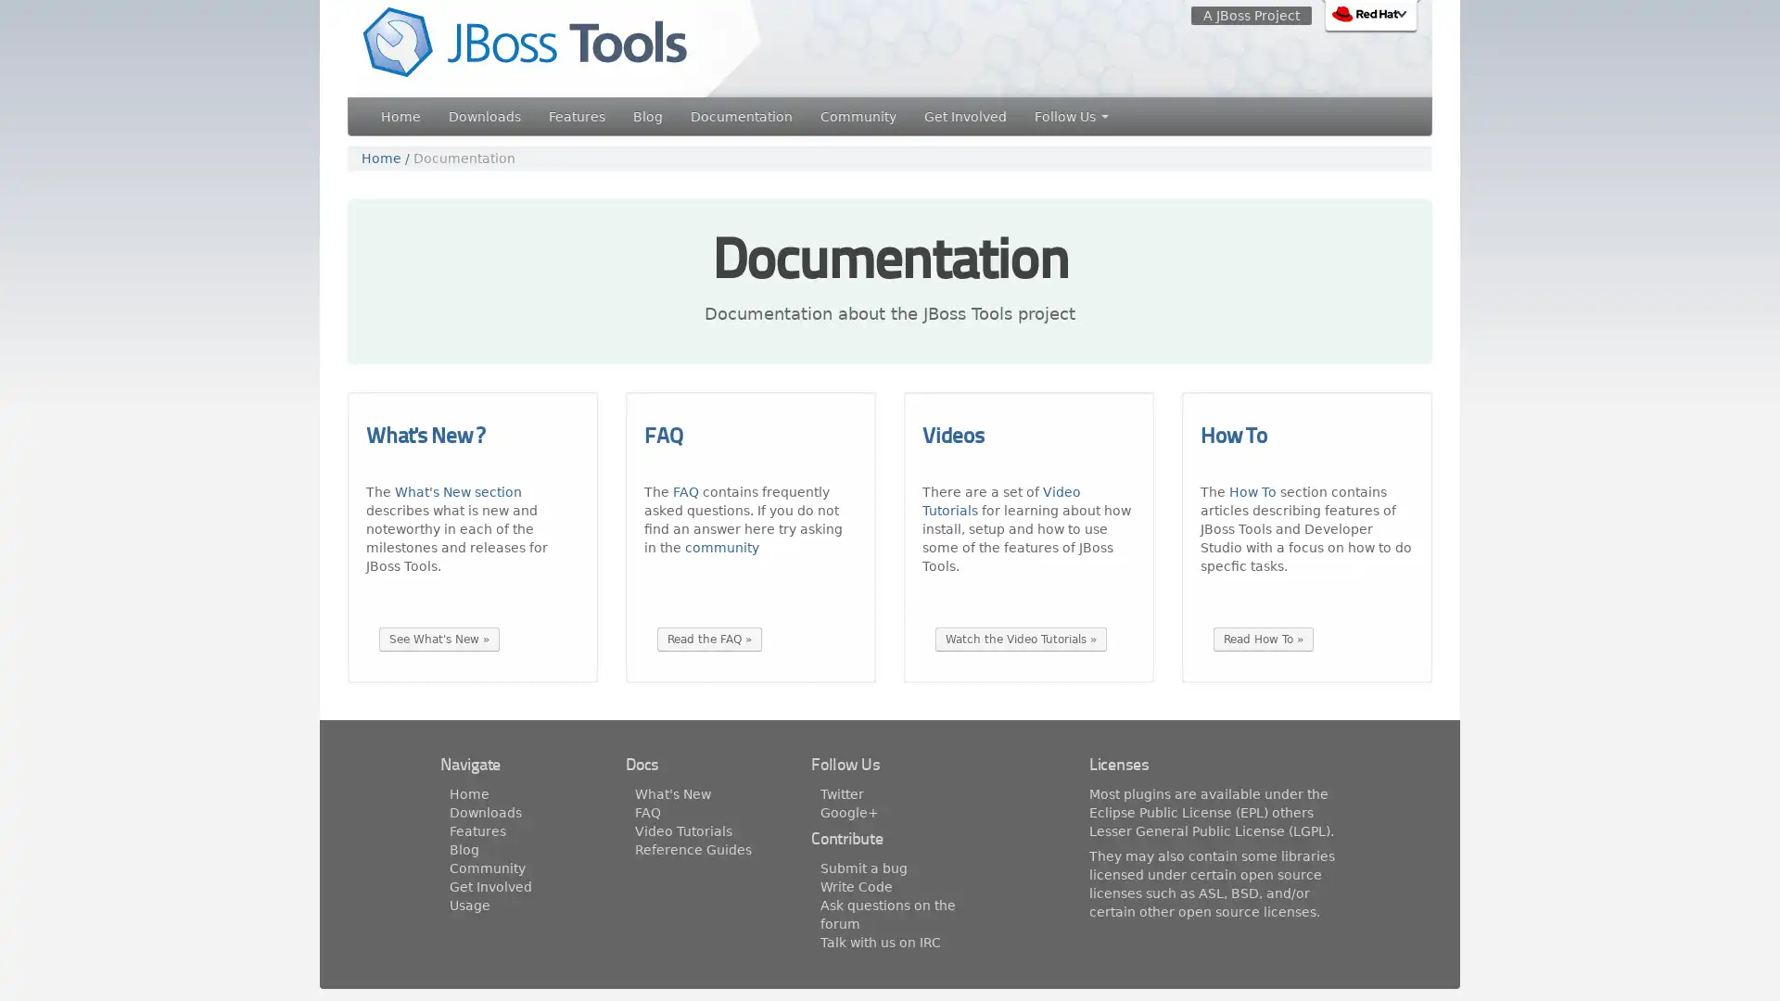 This screenshot has width=1780, height=1001. Describe the element at coordinates (1020, 639) in the screenshot. I see `Watch the Video Tutorials` at that location.